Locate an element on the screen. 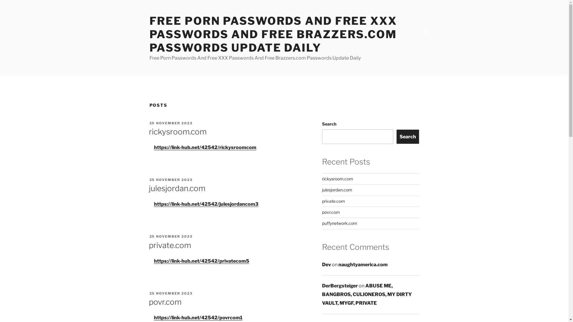 This screenshot has height=322, width=573. 'DerBergsteiger' is located at coordinates (340, 285).